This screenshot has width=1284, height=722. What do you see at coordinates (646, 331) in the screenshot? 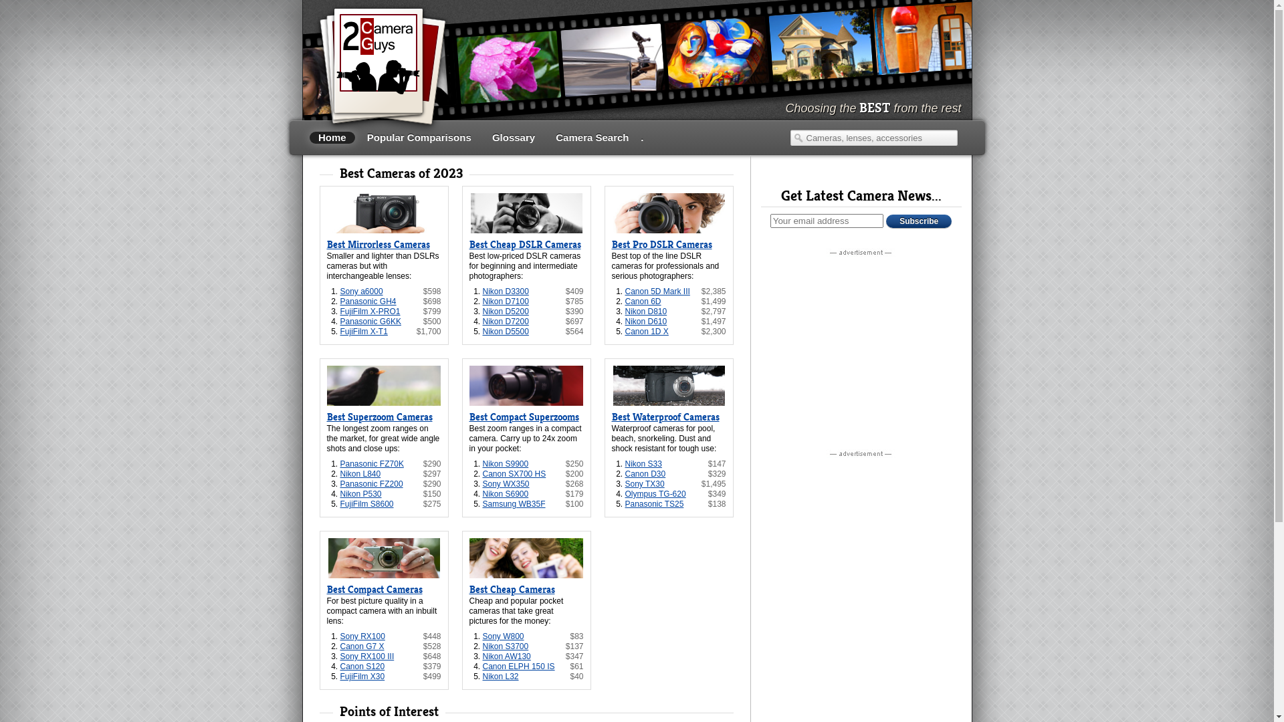
I see `'Canon 1D X'` at bounding box center [646, 331].